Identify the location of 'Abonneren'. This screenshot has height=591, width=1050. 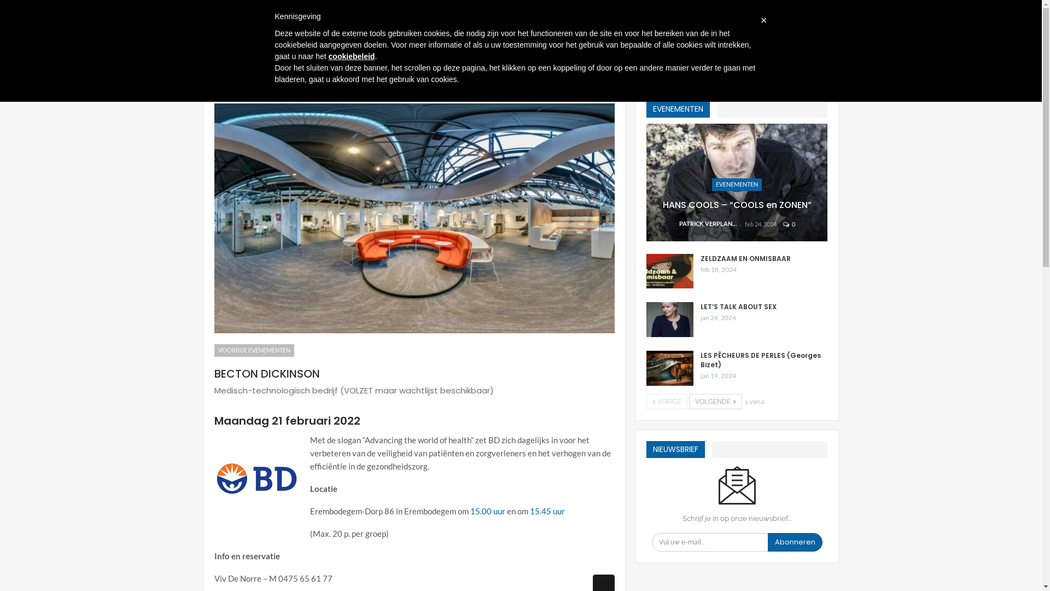
(767, 542).